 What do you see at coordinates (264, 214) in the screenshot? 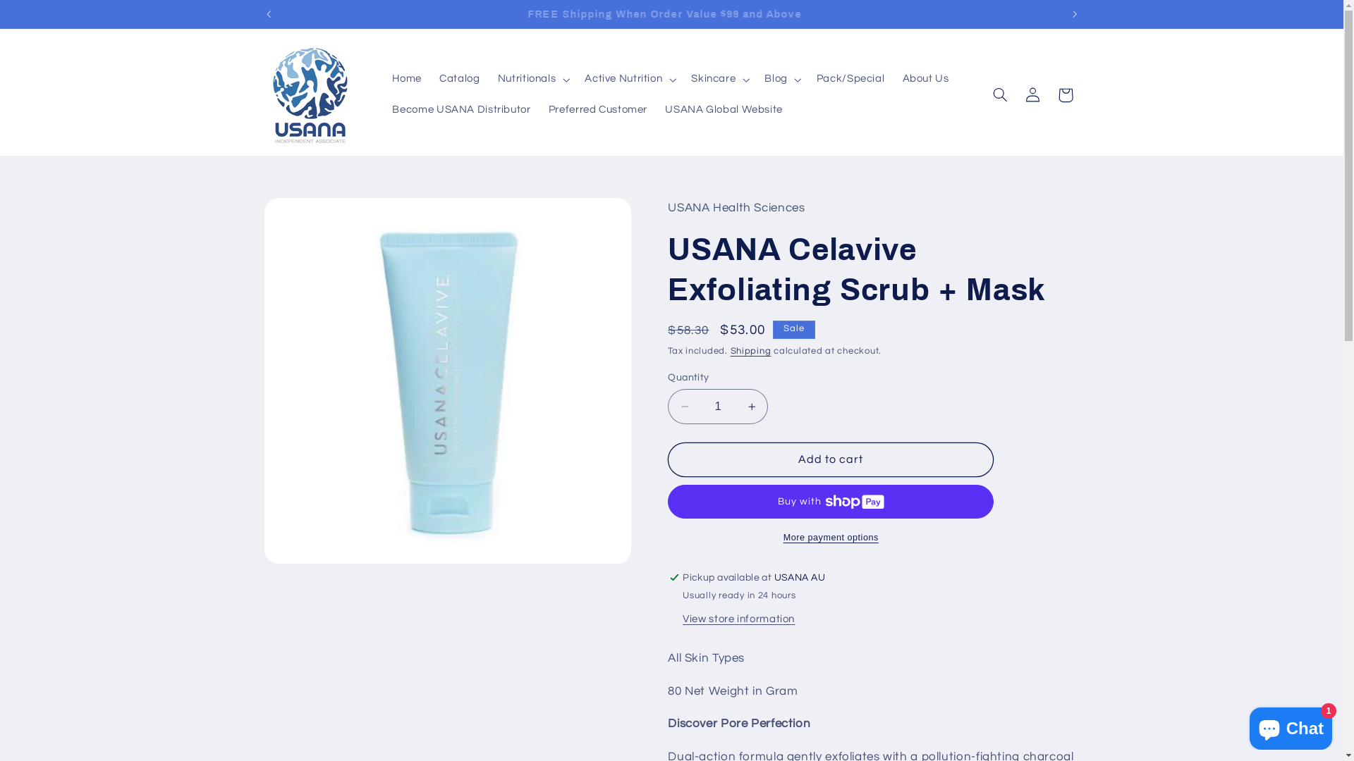
I see `'Skip to product information'` at bounding box center [264, 214].